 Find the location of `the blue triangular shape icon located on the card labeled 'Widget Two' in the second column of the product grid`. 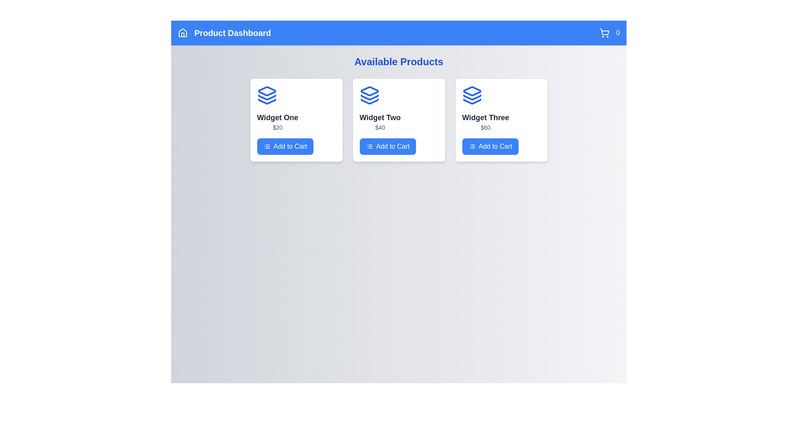

the blue triangular shape icon located on the card labeled 'Widget Two' in the second column of the product grid is located at coordinates (369, 101).